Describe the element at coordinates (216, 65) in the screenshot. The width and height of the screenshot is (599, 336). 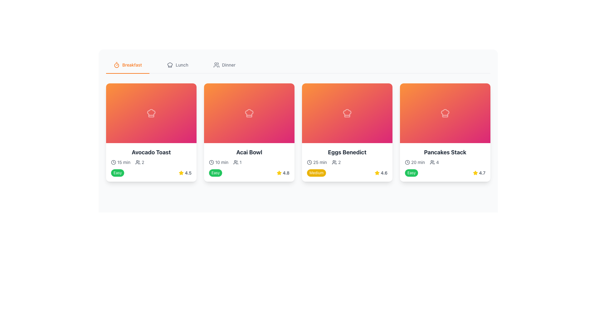
I see `the SVG icon depicting a group of people located to the left of the 'Dinner' text label in the menu bar` at that location.